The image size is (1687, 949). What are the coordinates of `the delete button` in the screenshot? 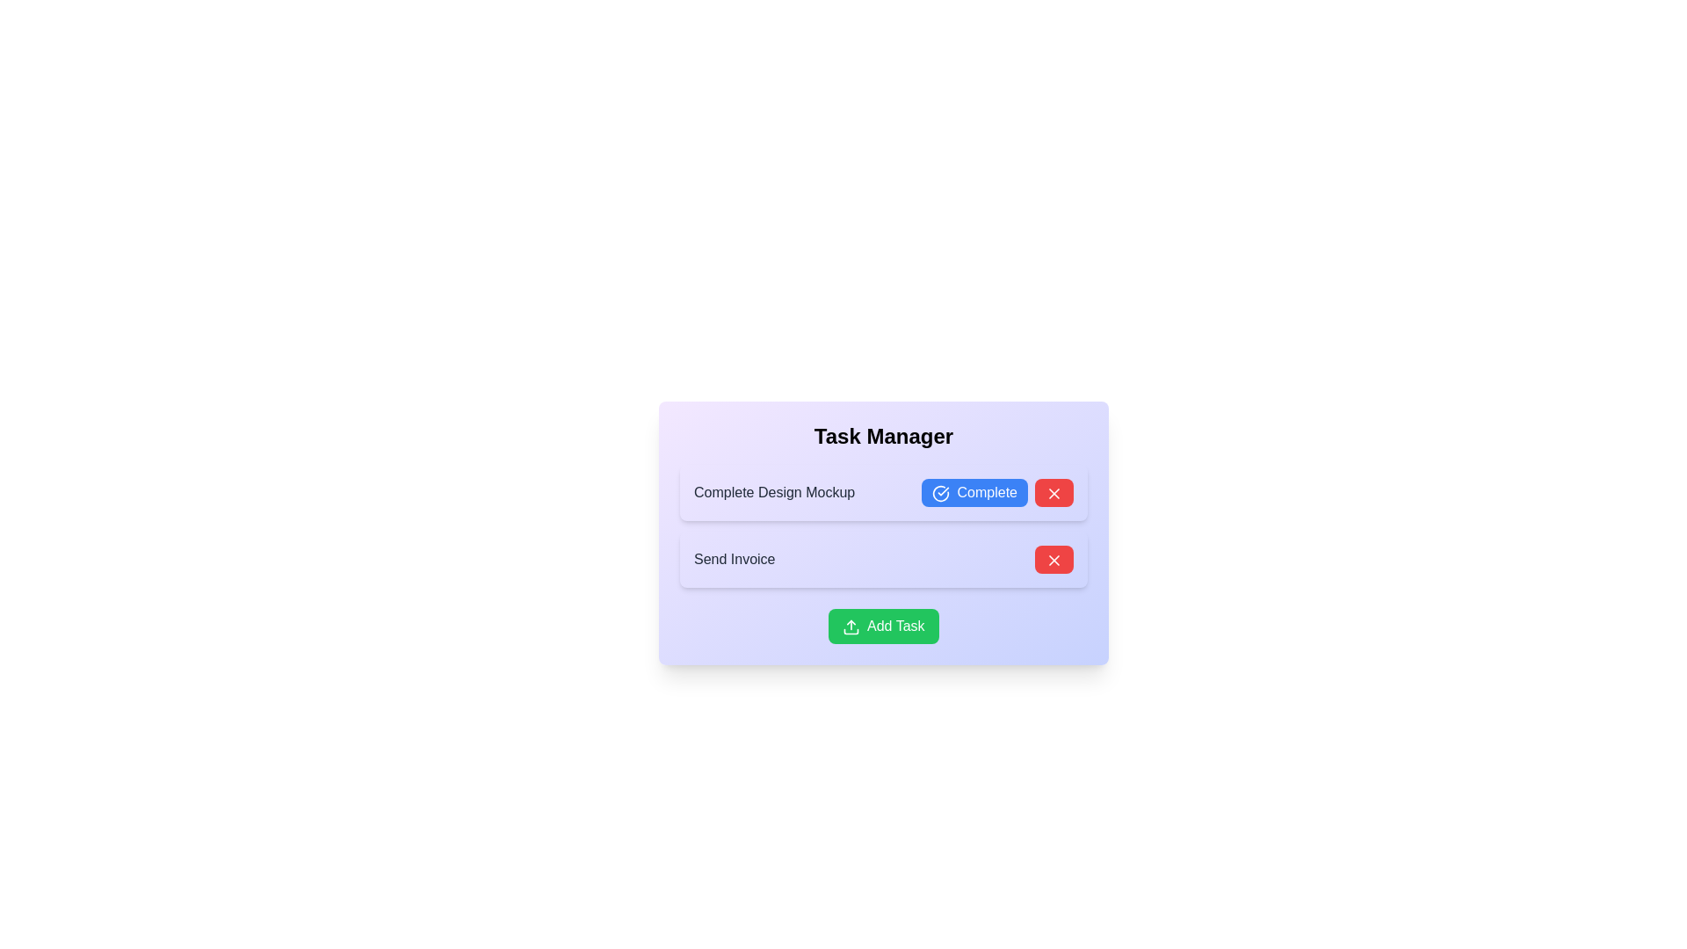 It's located at (1054, 559).